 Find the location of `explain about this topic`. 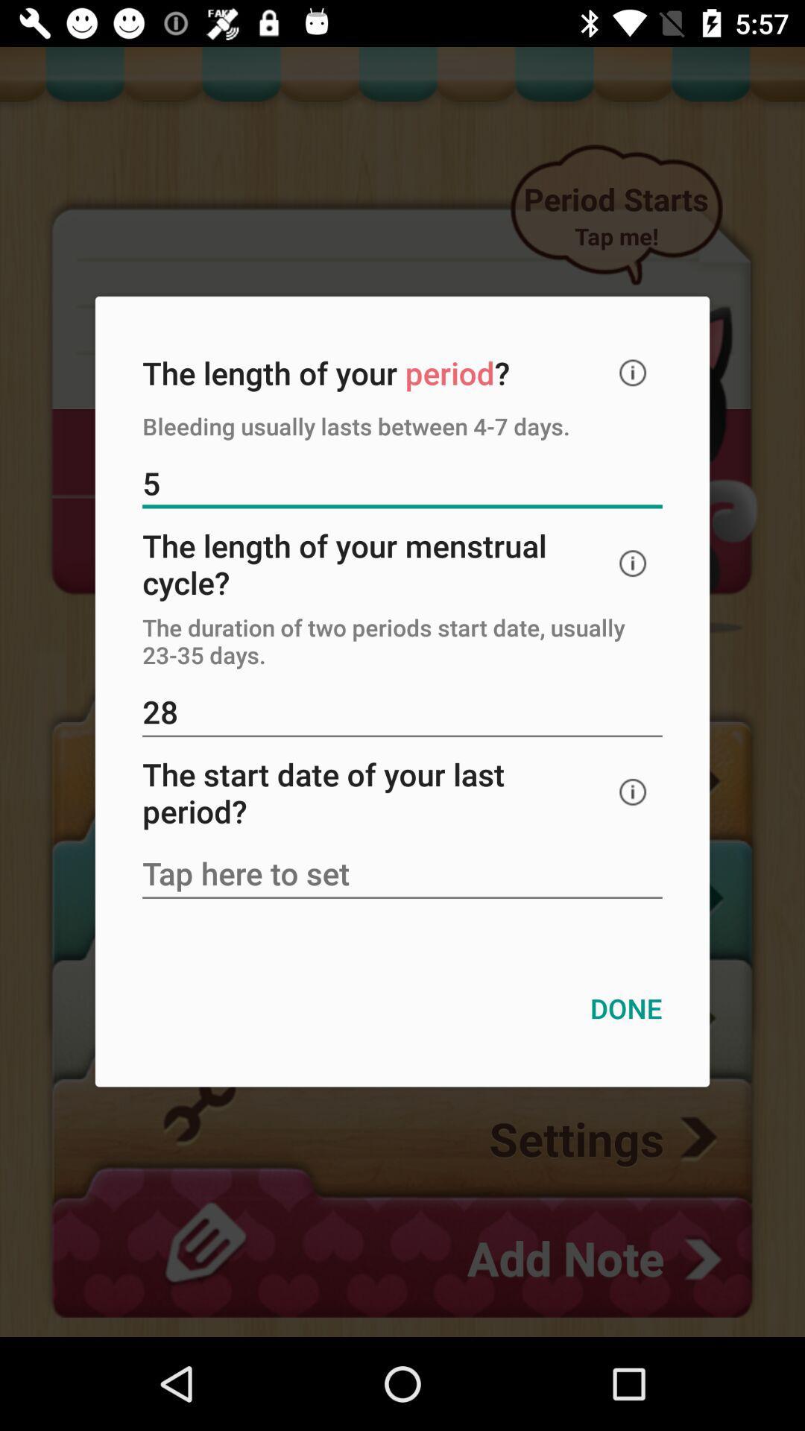

explain about this topic is located at coordinates (633, 563).